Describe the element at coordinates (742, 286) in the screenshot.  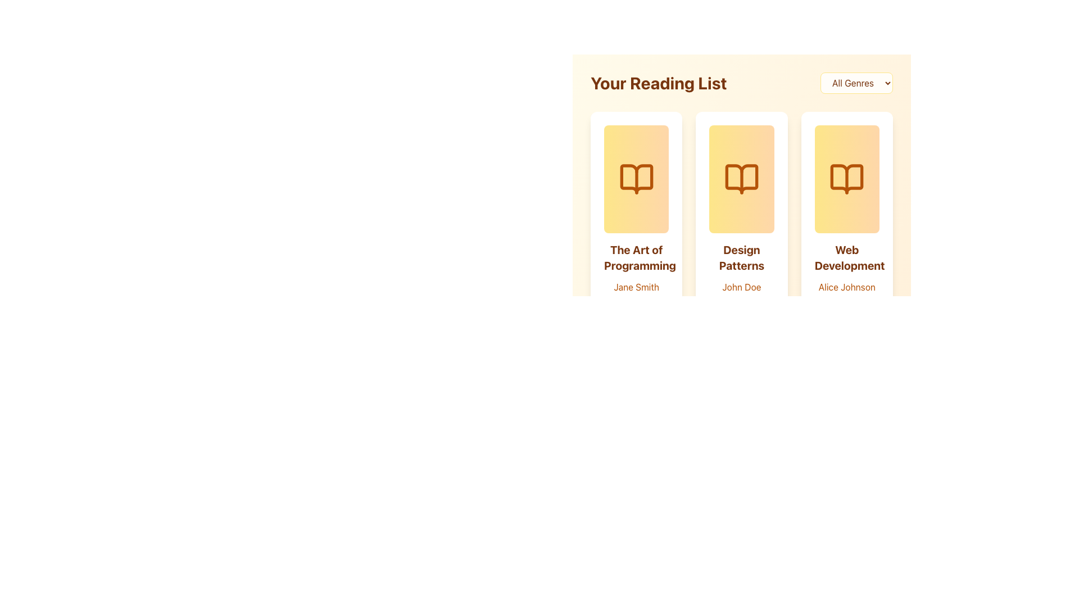
I see `the static text indicating the author of the book associated with the 'Design Patterns' card in the reading list, which is located below the title and above the duration and progress details` at that location.